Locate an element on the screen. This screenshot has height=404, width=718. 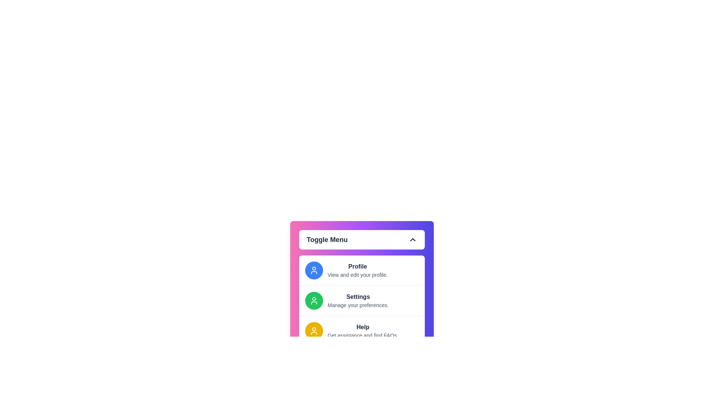
the 'Toggle Menu' button to toggle the visibility of the menu is located at coordinates (362, 239).